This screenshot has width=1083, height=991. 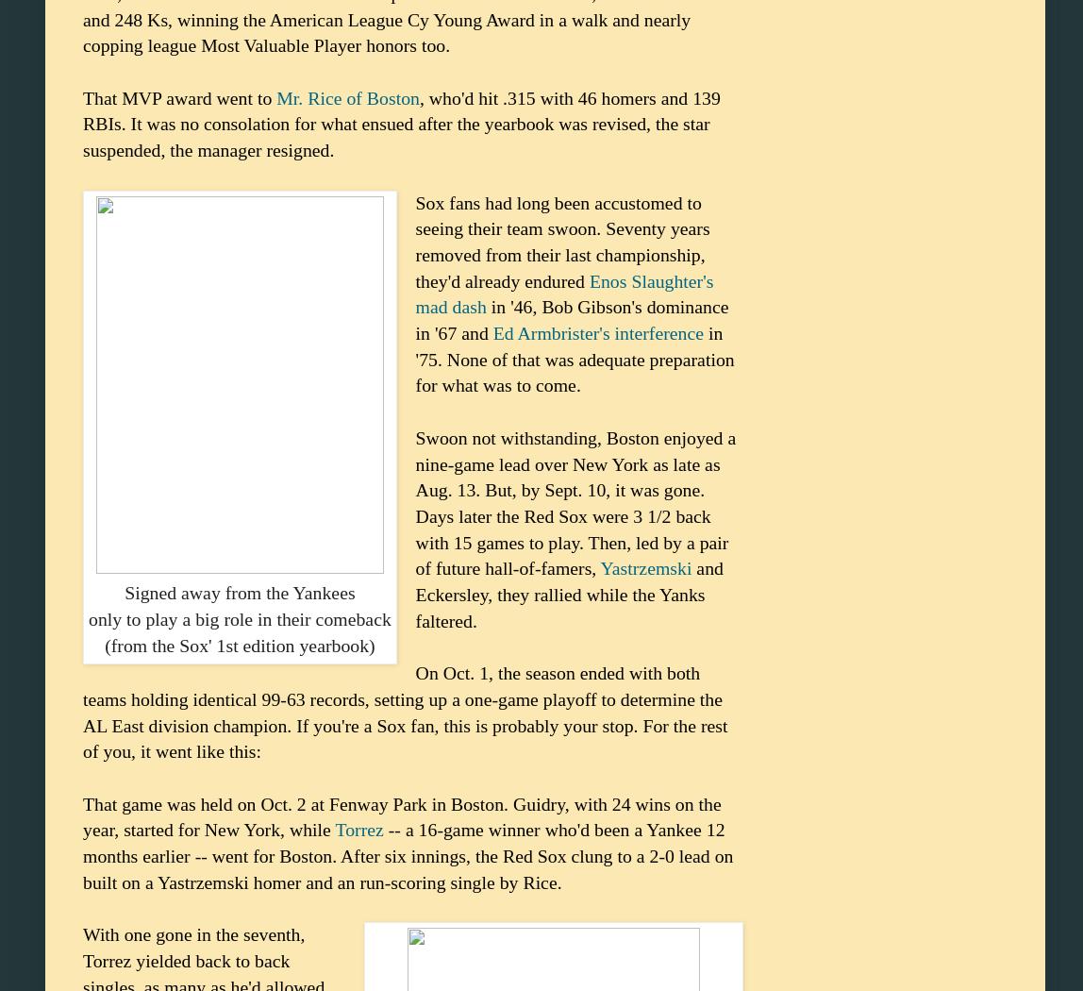 What do you see at coordinates (239, 593) in the screenshot?
I see `'Signed away from the Yankees'` at bounding box center [239, 593].